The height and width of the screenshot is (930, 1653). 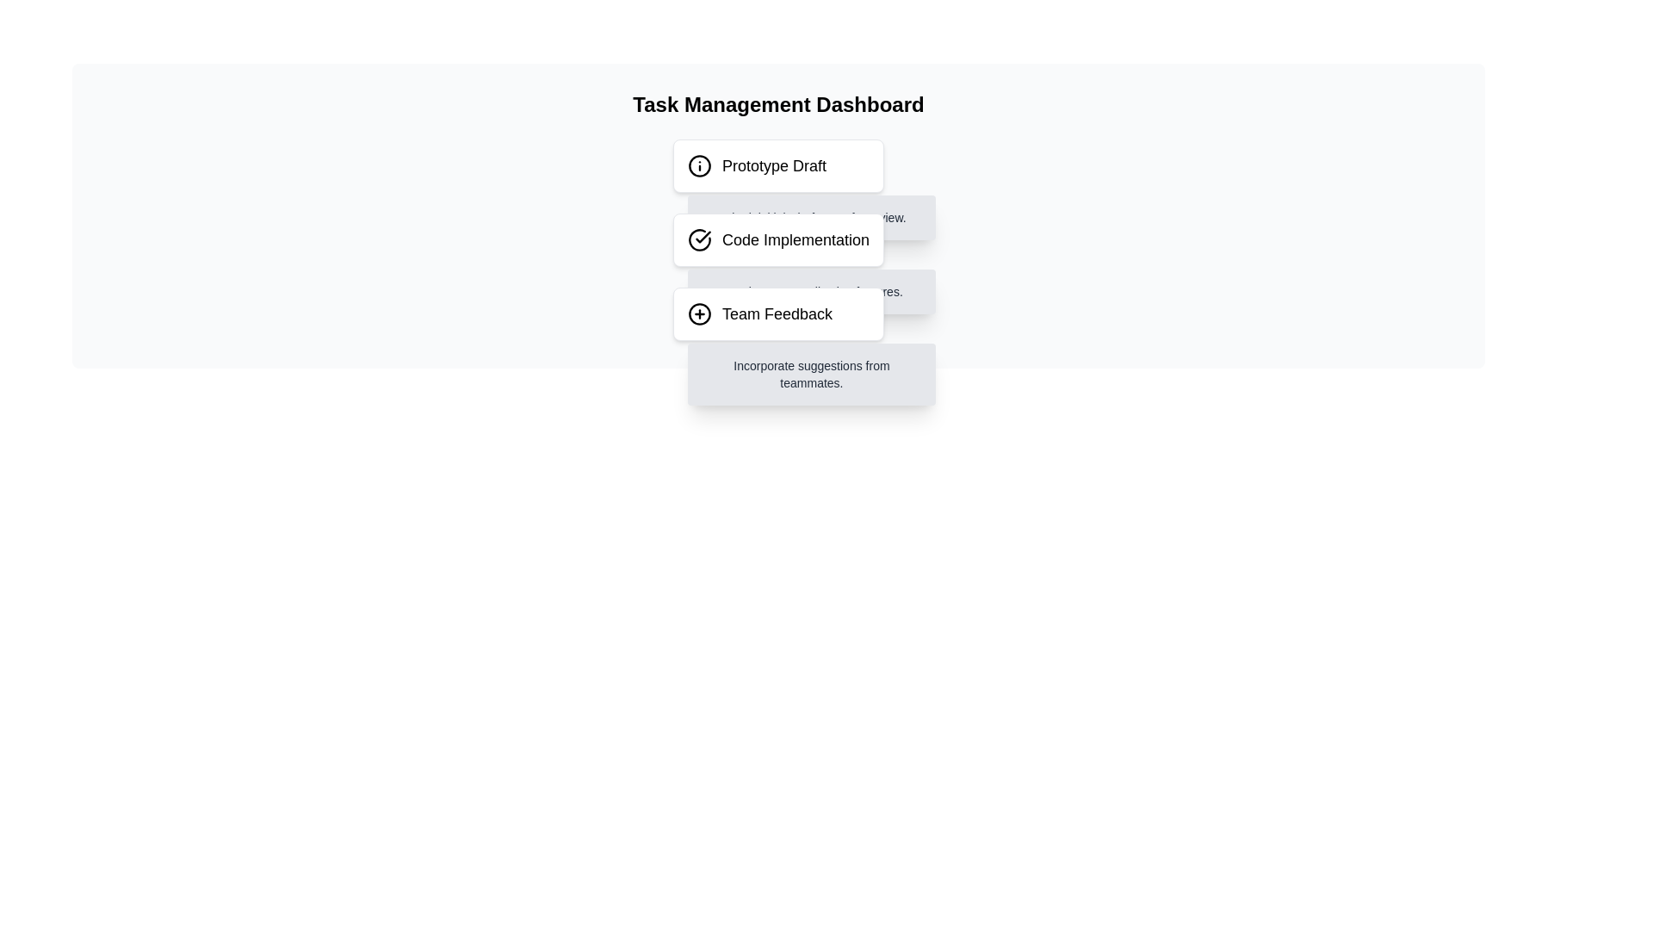 What do you see at coordinates (810, 217) in the screenshot?
I see `the informational Text Label located below the 'Code Implementation' item in the dropdown or popup box` at bounding box center [810, 217].